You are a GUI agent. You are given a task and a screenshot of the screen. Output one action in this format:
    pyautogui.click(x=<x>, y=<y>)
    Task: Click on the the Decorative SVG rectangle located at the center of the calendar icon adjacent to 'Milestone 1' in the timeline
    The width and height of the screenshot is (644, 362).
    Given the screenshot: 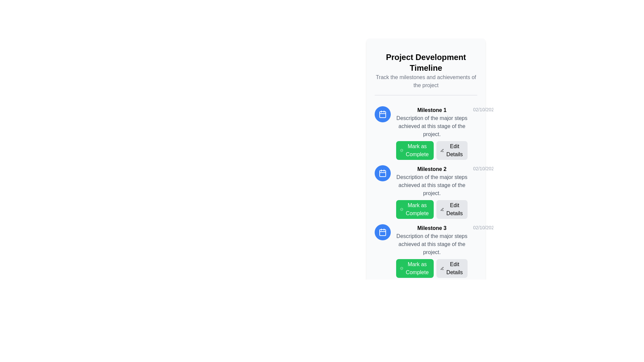 What is the action you would take?
    pyautogui.click(x=383, y=114)
    